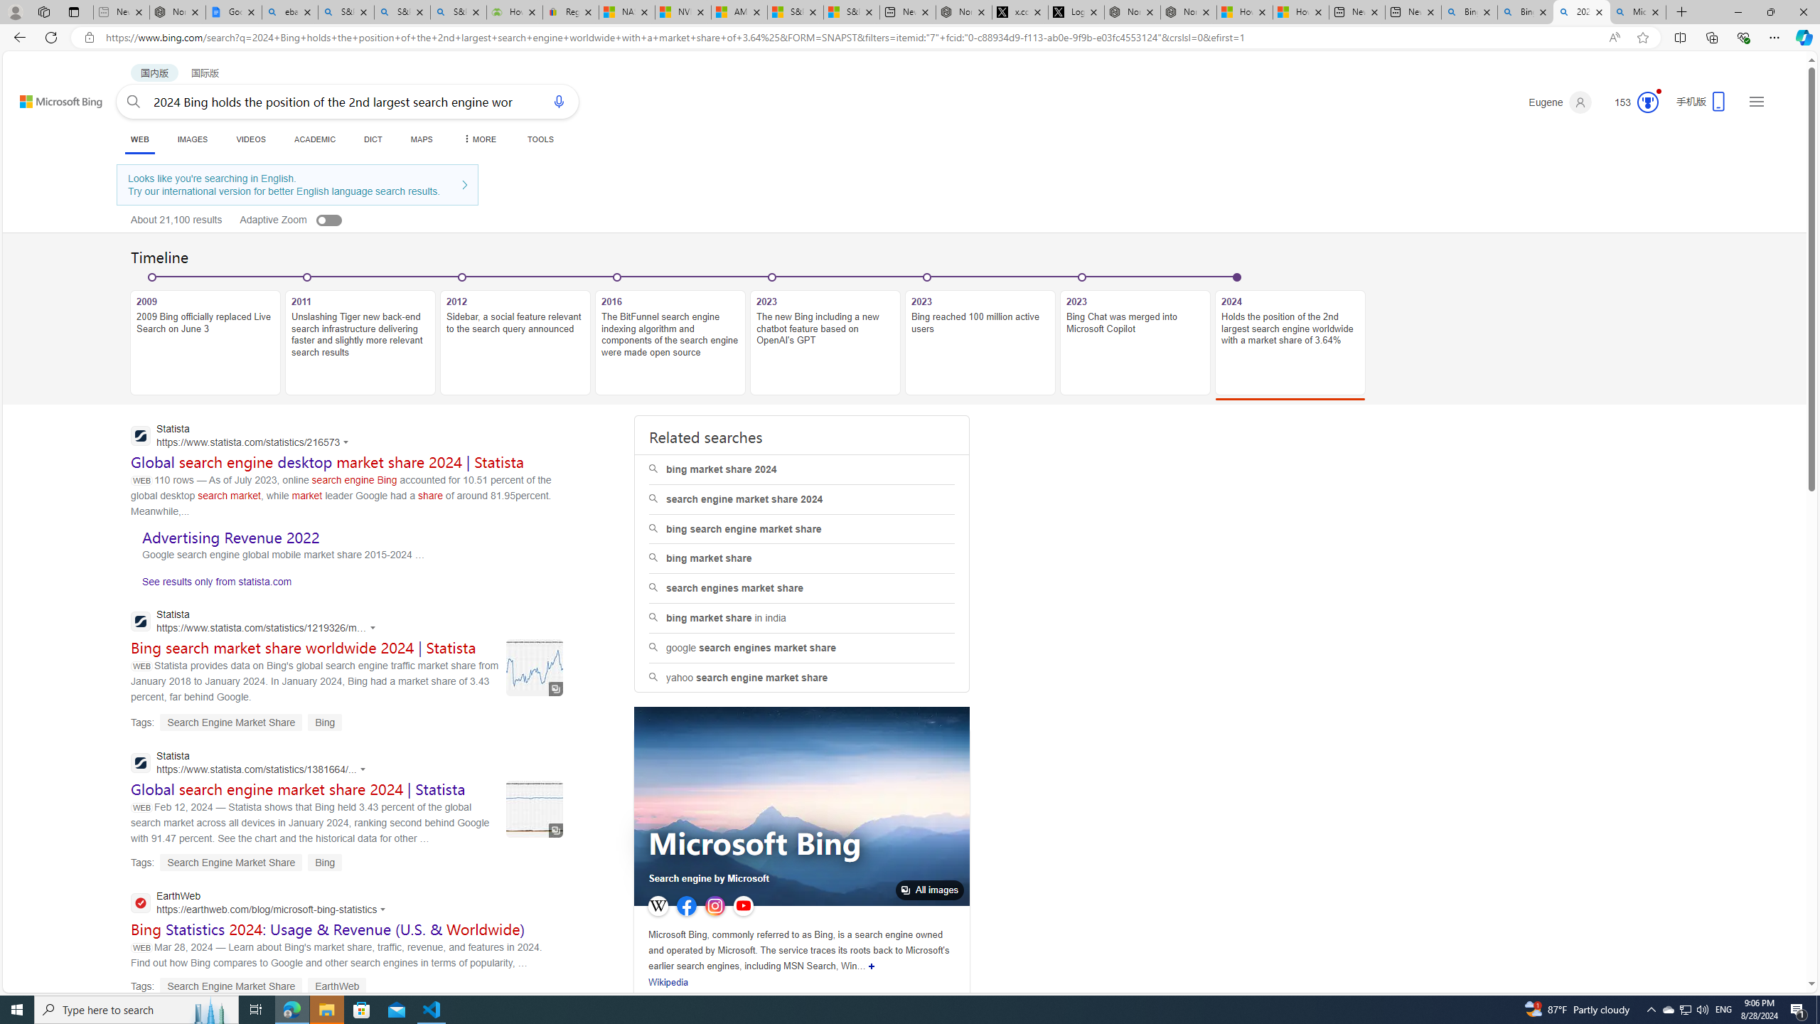  Describe the element at coordinates (1076, 11) in the screenshot. I see `'Log in to X / X'` at that location.